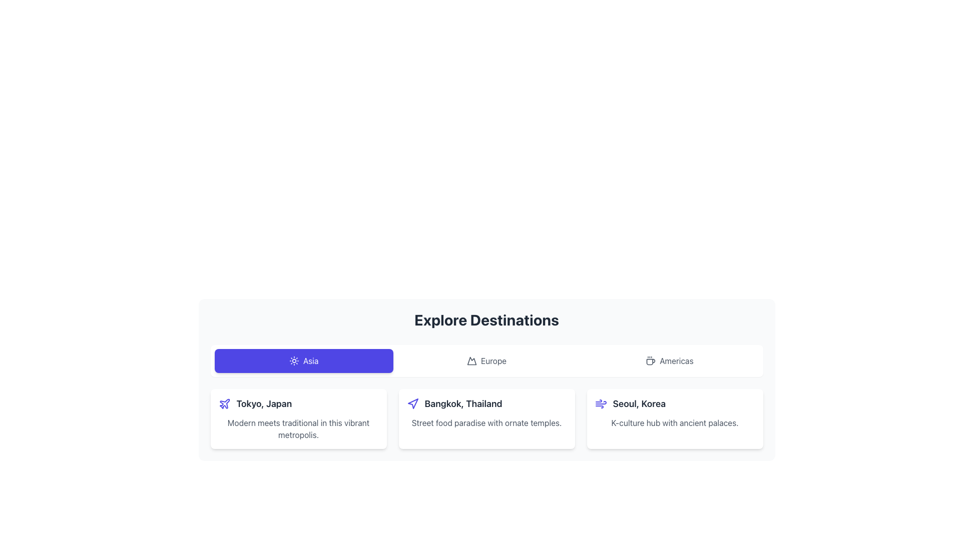 This screenshot has width=961, height=540. What do you see at coordinates (487, 360) in the screenshot?
I see `the 'Europe' button` at bounding box center [487, 360].